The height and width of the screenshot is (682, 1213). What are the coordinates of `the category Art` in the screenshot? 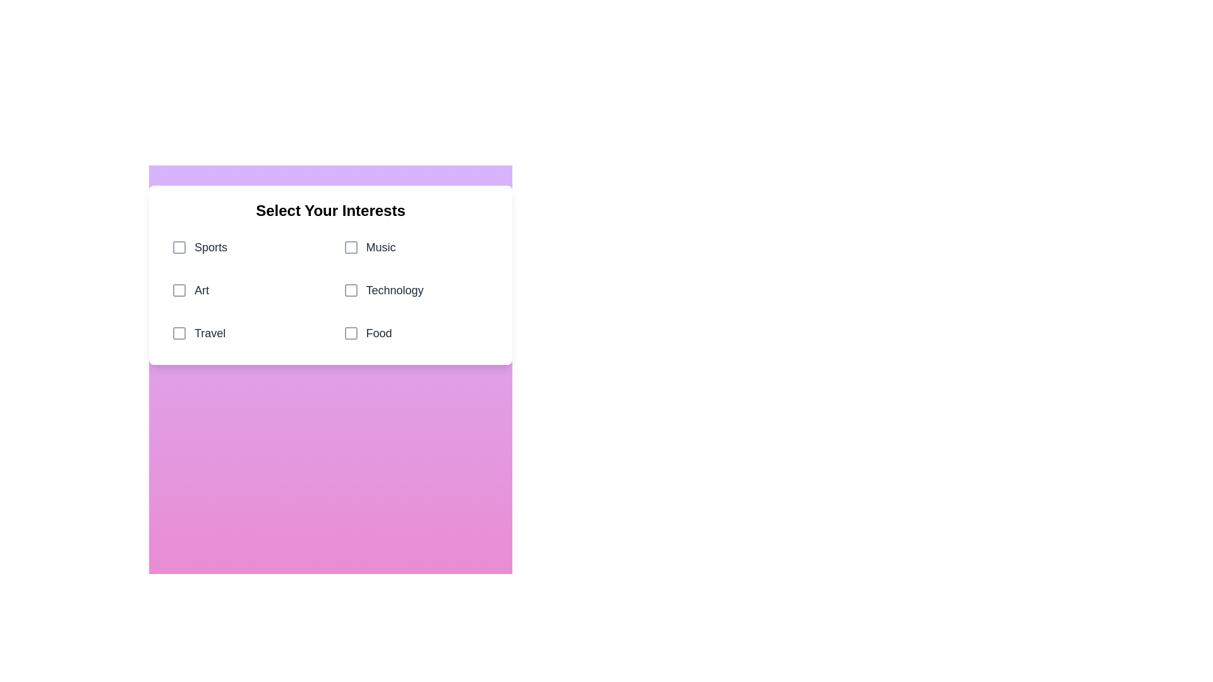 It's located at (244, 290).